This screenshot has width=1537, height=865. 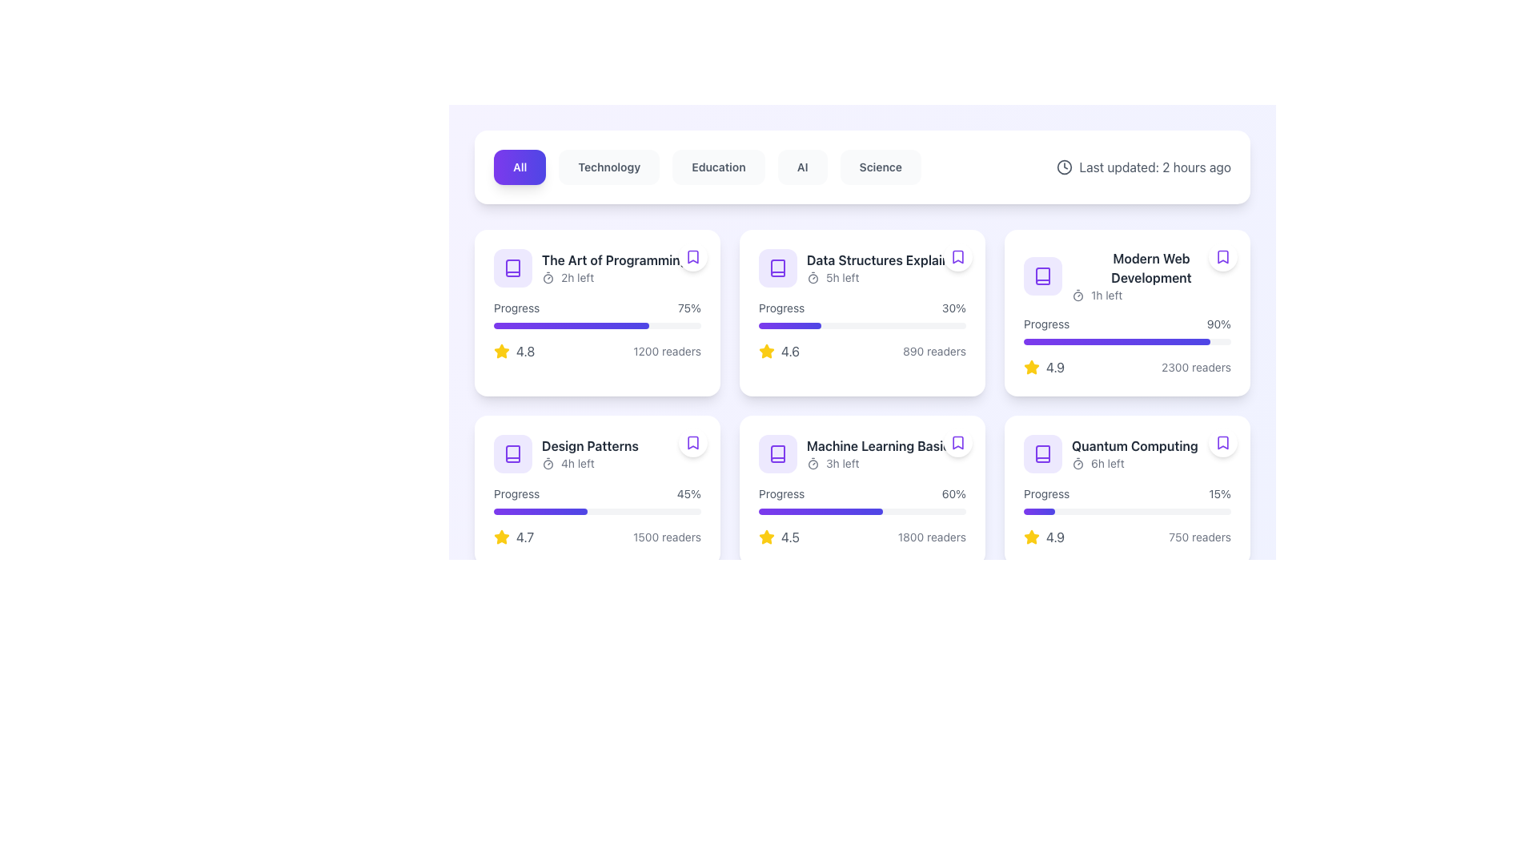 I want to click on bold text label 'Data Structures Explained' located in the second row and second column of the grid layout, above the text '5h left' and near a timer icon, so click(x=885, y=259).